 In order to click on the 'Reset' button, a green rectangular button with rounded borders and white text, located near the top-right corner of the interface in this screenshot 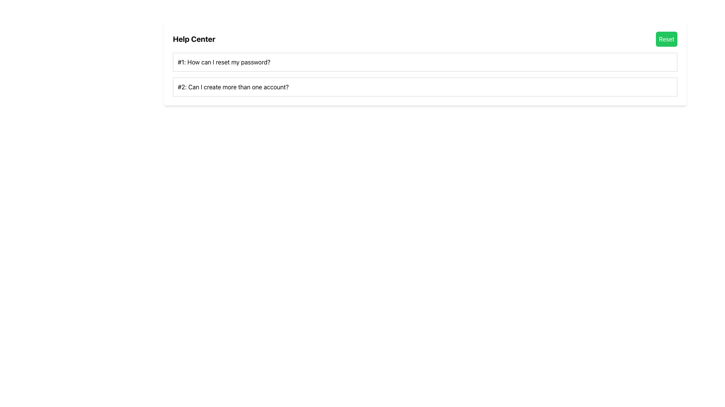, I will do `click(666, 39)`.